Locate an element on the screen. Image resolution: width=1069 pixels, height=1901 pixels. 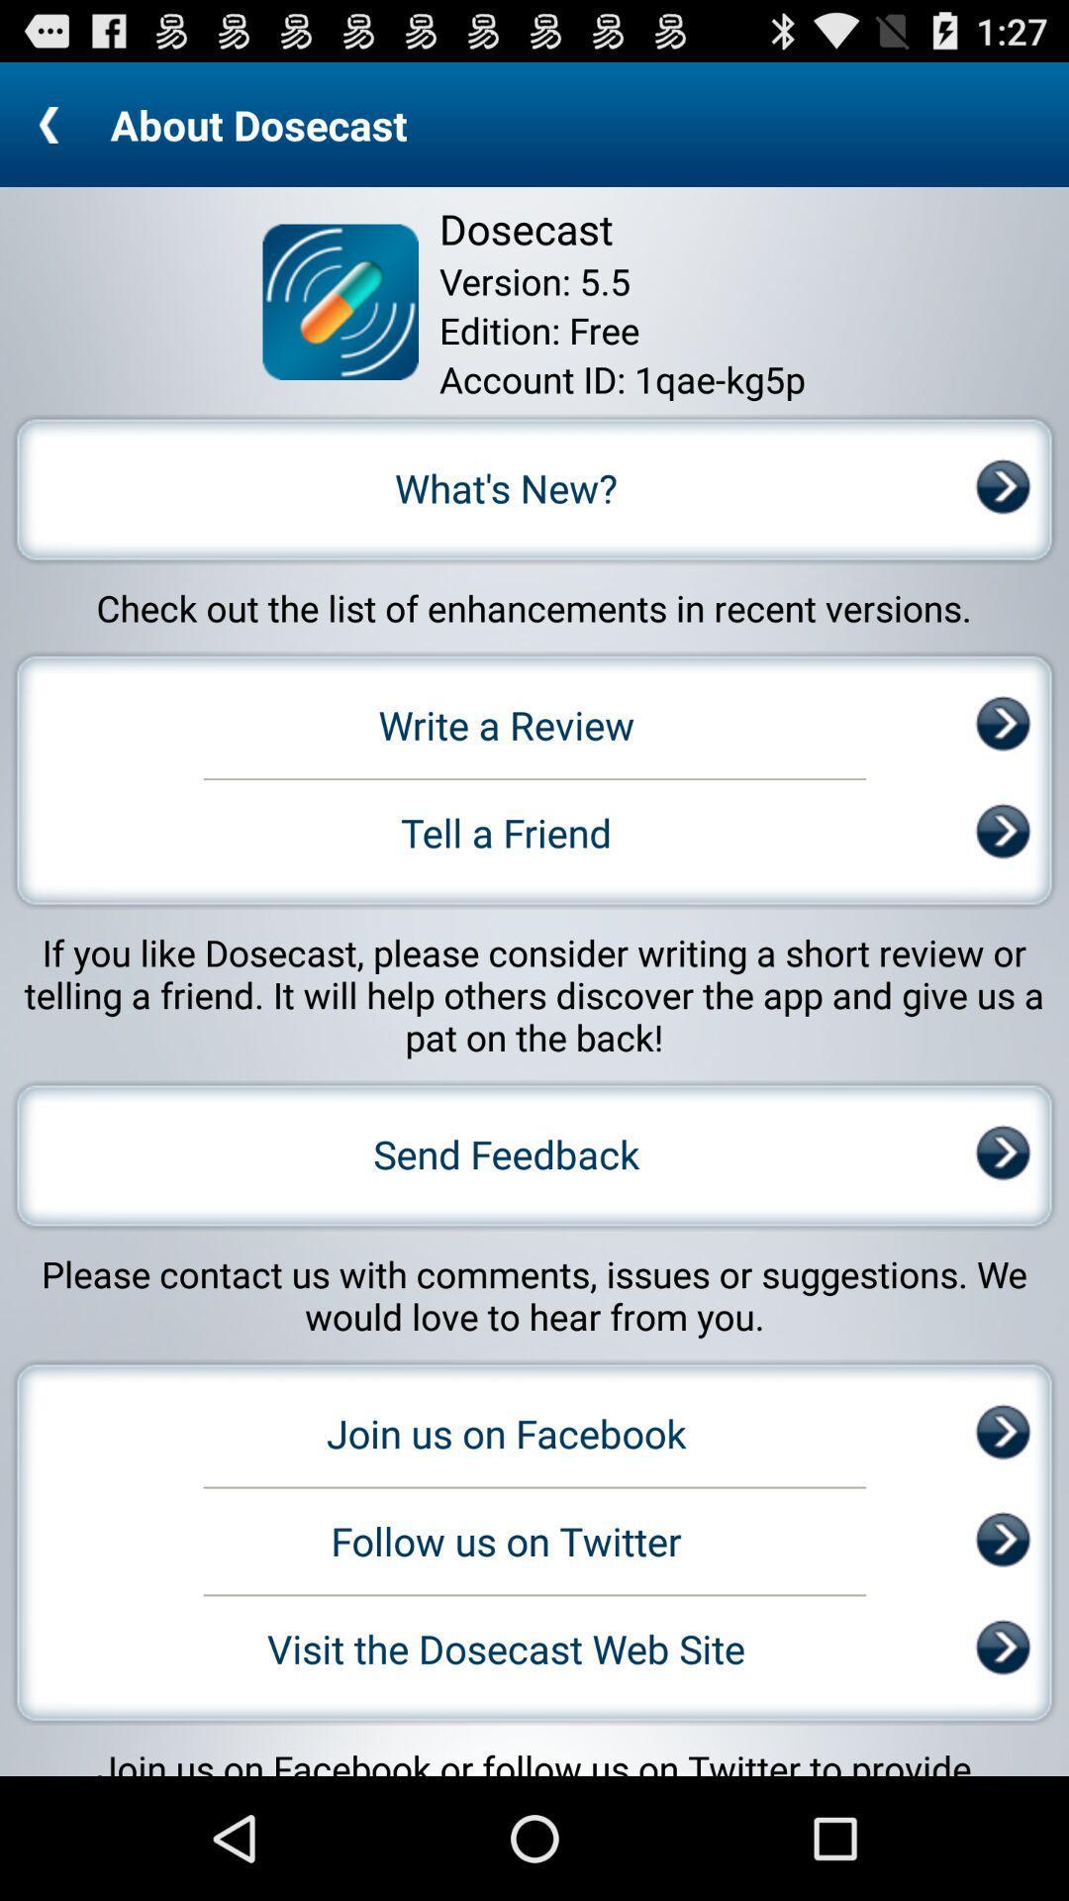
the arrow_backward icon is located at coordinates (53, 132).